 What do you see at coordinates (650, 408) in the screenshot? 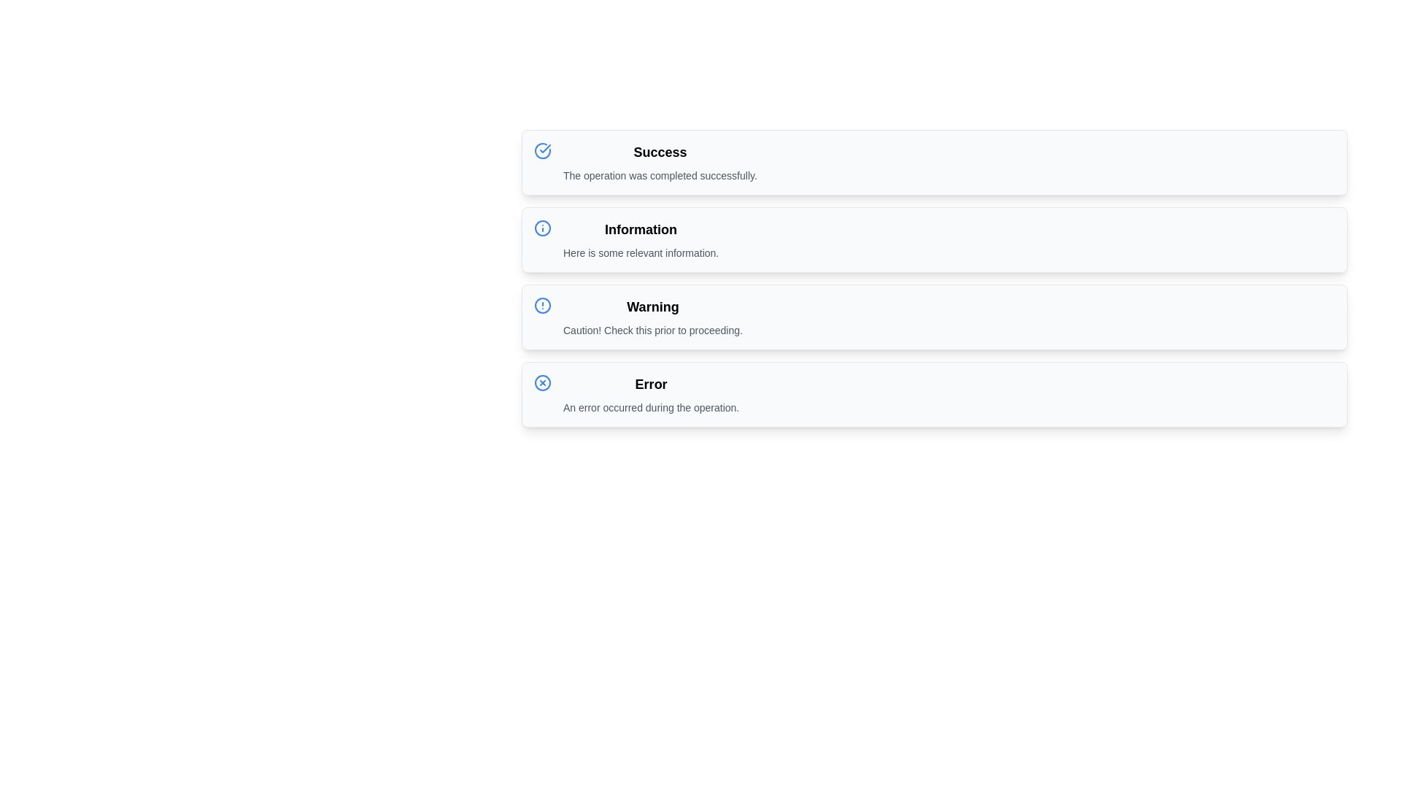
I see `the text label that reads 'An error occurred during the operation.' which is styled in a small gray font and positioned below the bold 'Error' heading` at bounding box center [650, 408].